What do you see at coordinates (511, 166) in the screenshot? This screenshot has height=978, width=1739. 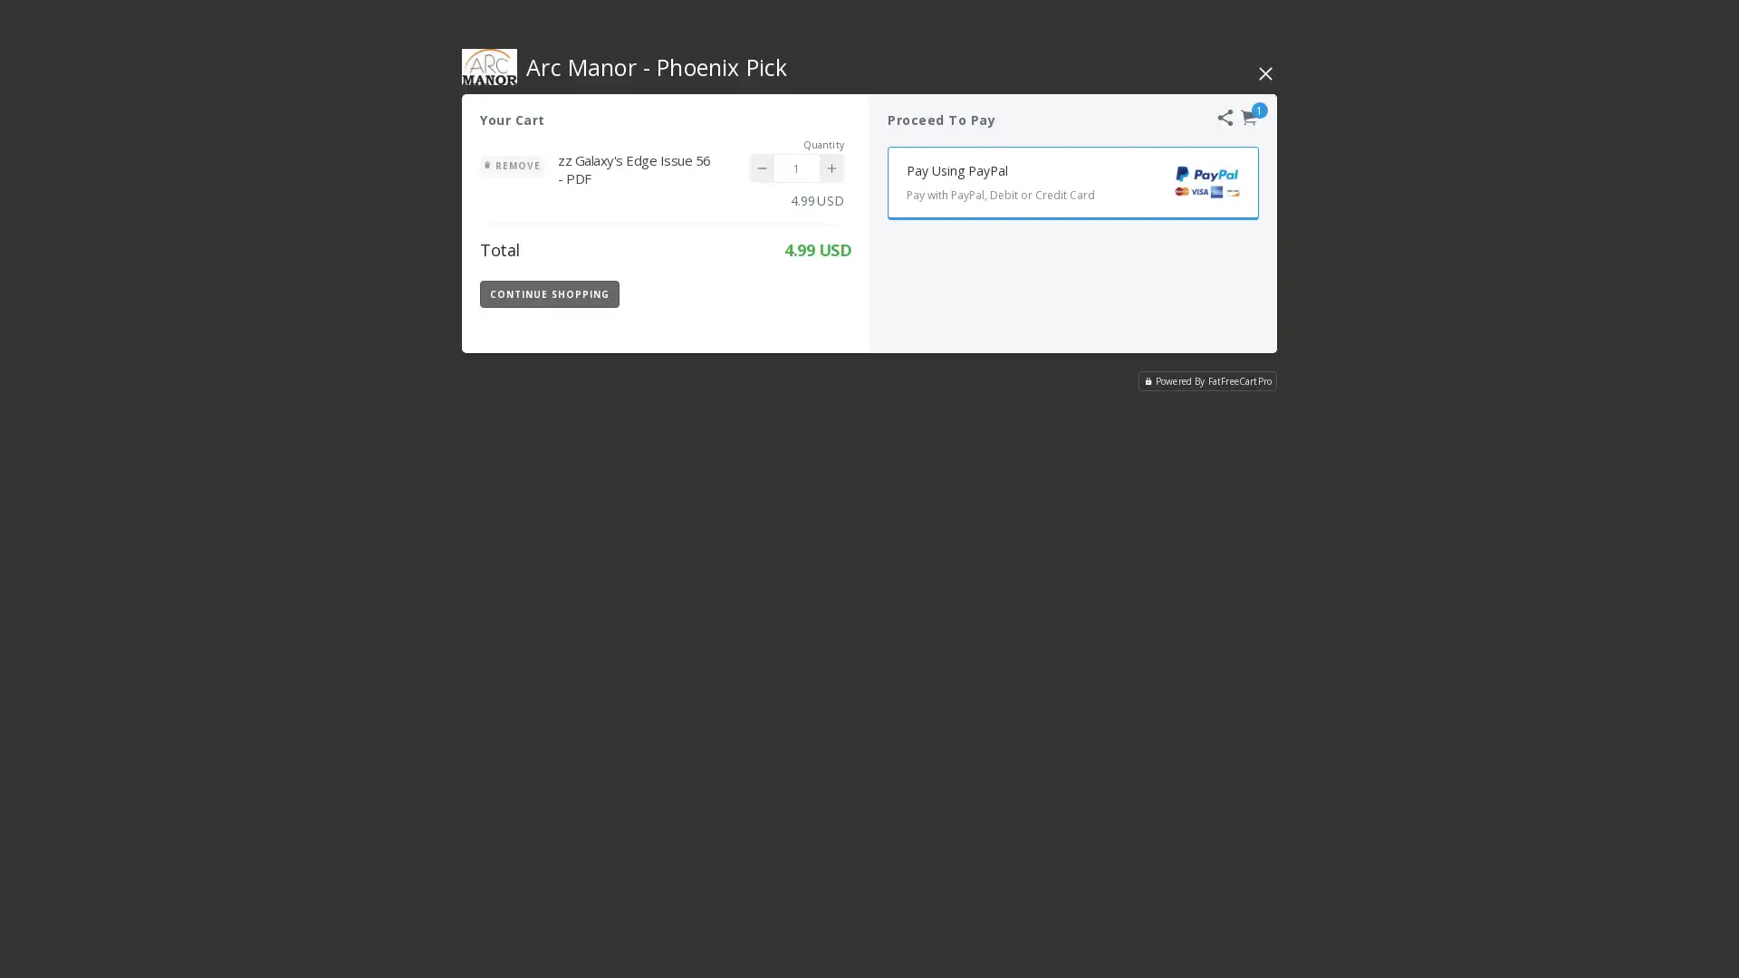 I see `trash REMOVE` at bounding box center [511, 166].